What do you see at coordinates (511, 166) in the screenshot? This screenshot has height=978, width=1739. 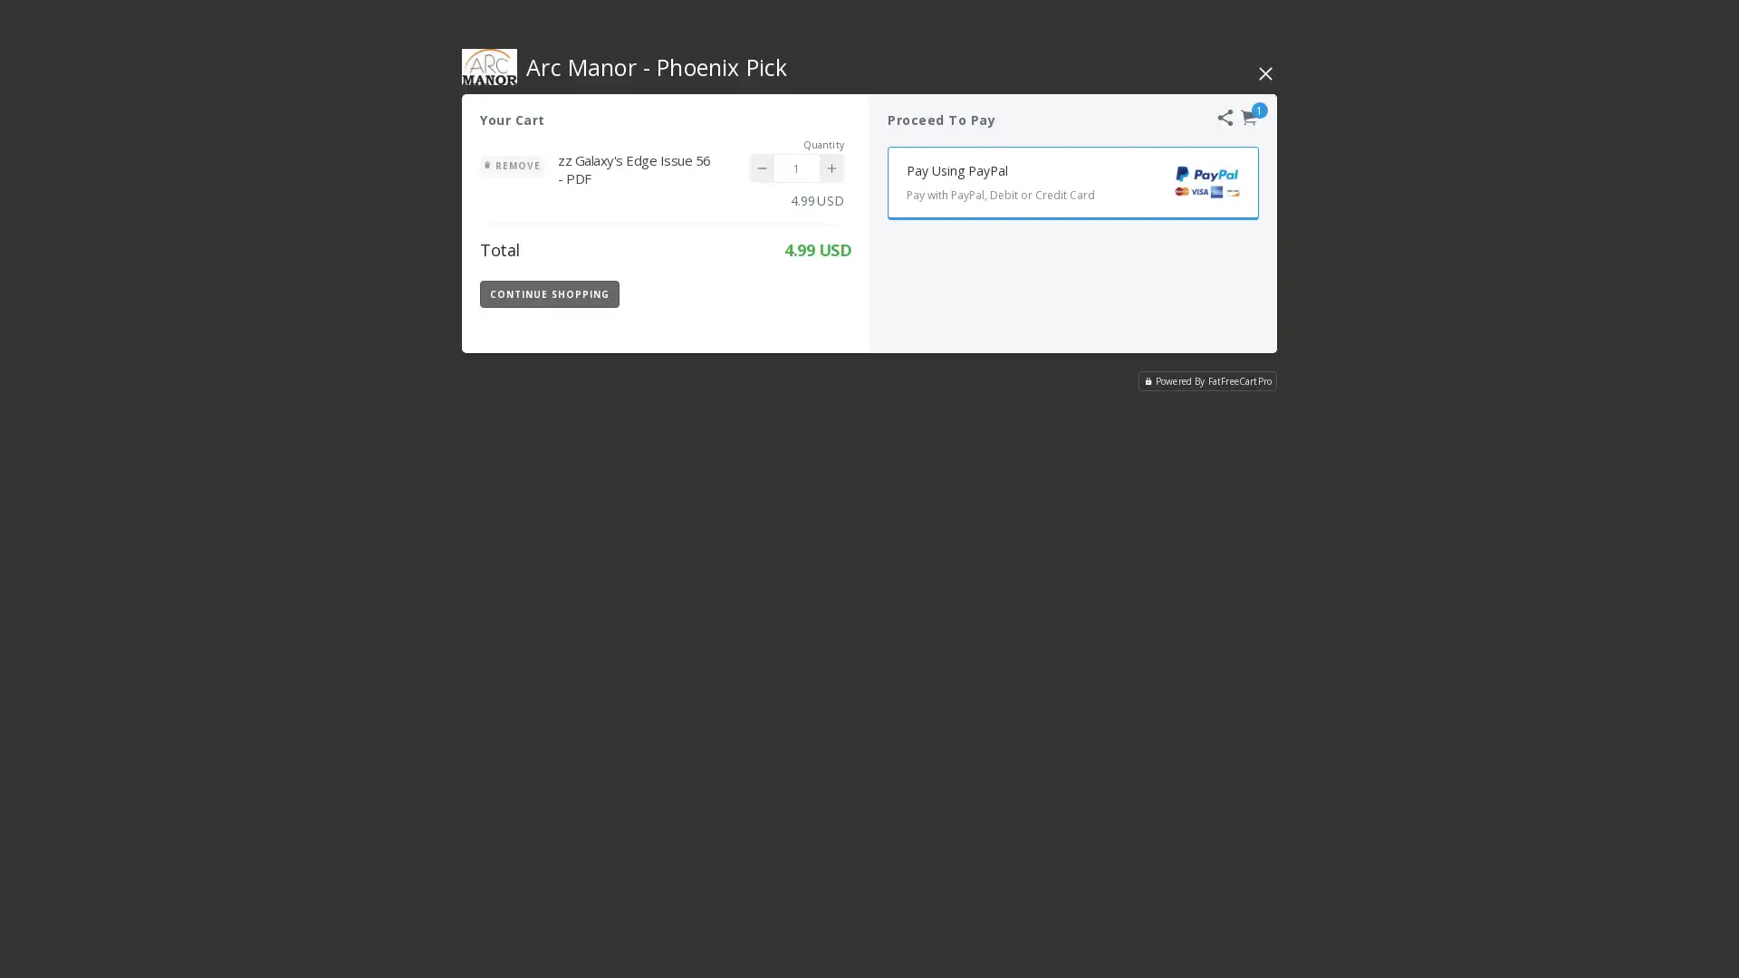 I see `trash REMOVE` at bounding box center [511, 166].